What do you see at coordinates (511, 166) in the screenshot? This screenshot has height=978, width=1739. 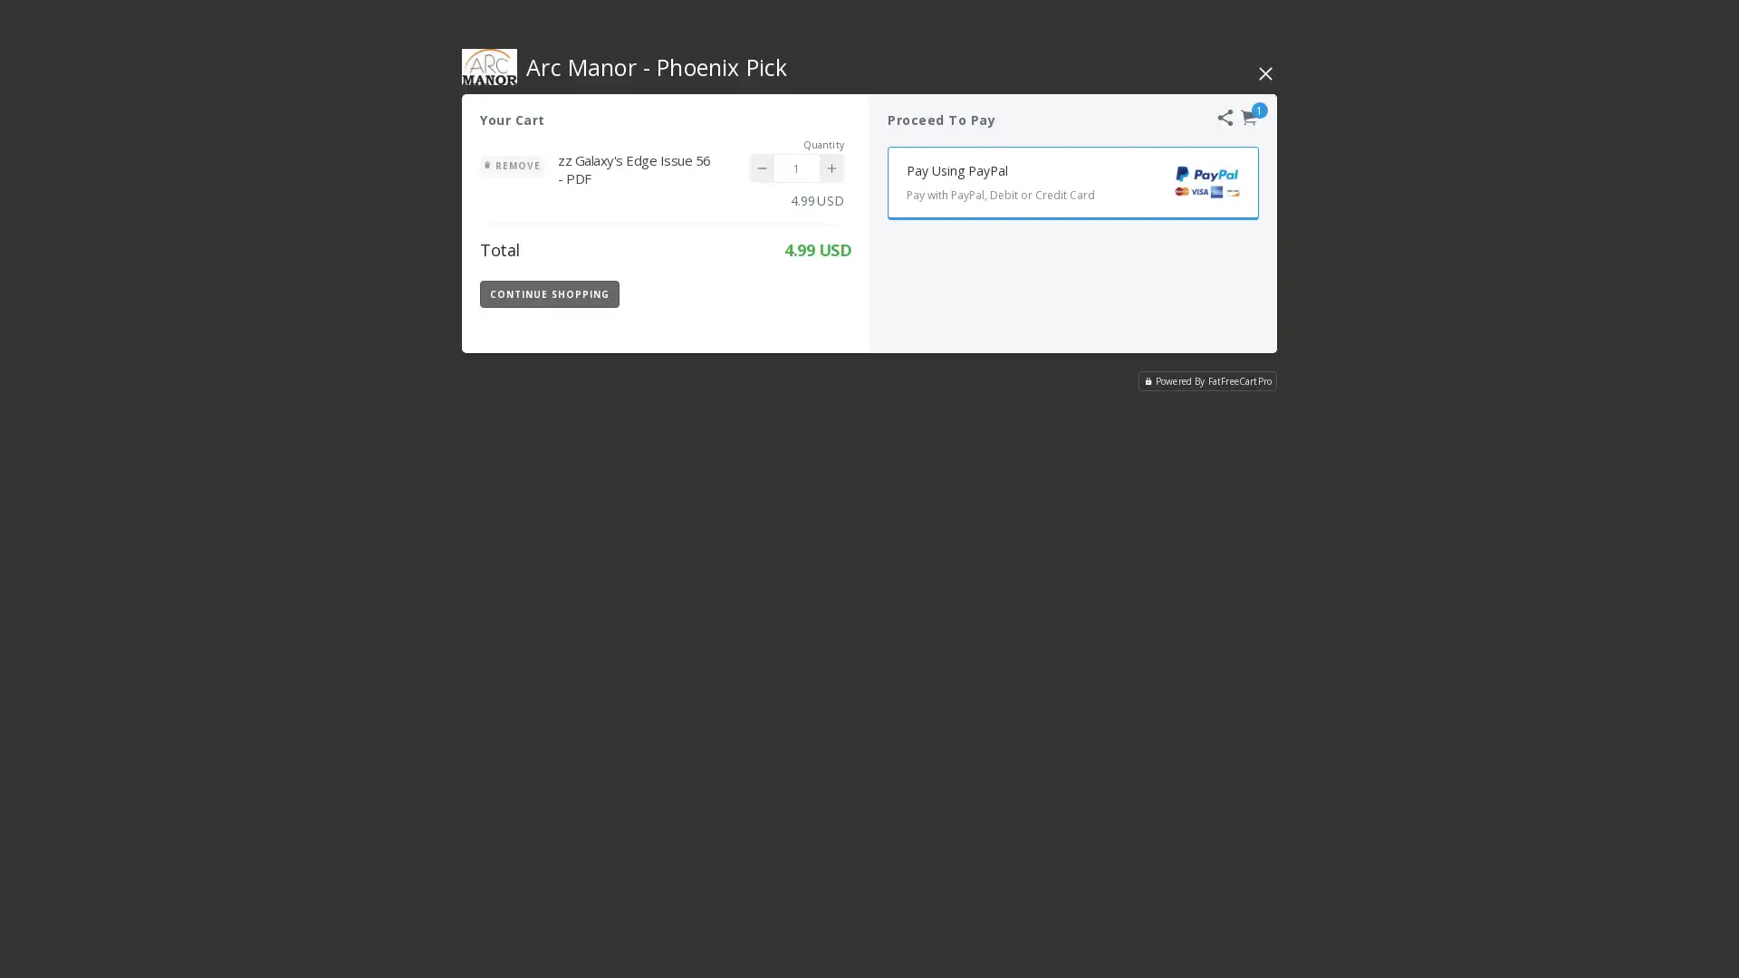 I see `trash REMOVE` at bounding box center [511, 166].